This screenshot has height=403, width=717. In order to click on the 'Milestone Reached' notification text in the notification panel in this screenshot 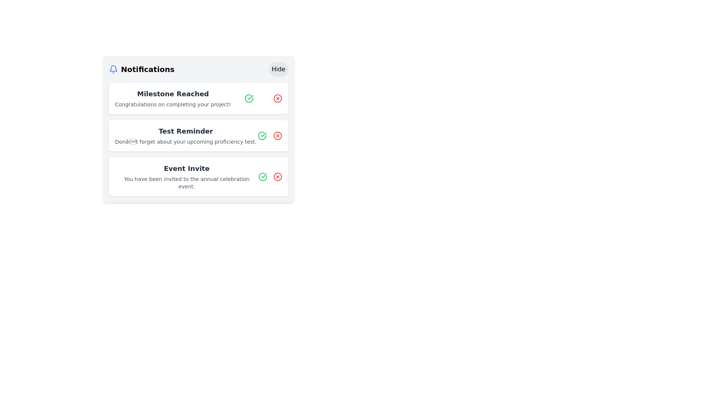, I will do `click(173, 98)`.